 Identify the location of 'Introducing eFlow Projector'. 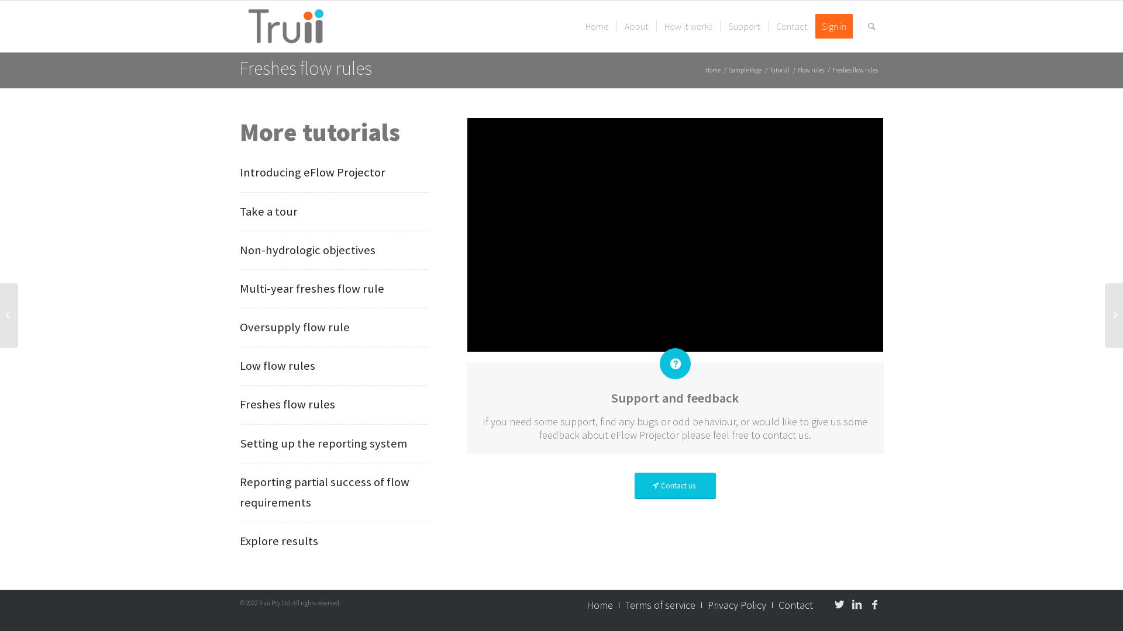
(312, 172).